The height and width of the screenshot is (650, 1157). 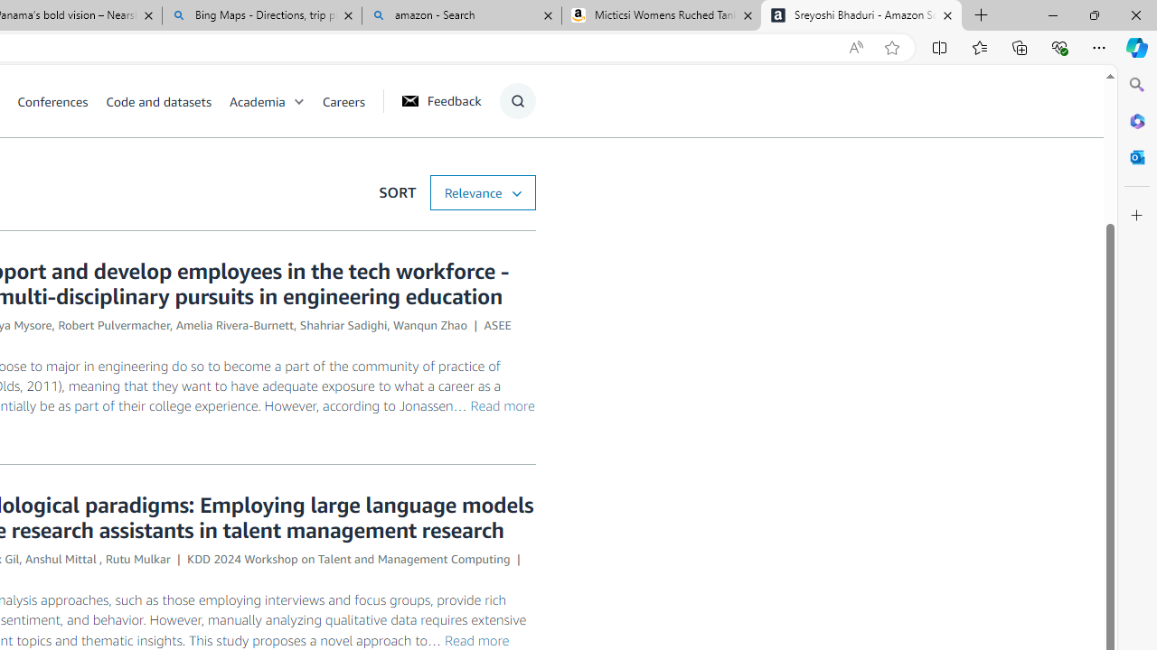 I want to click on 'Show Search Form', so click(x=516, y=100).